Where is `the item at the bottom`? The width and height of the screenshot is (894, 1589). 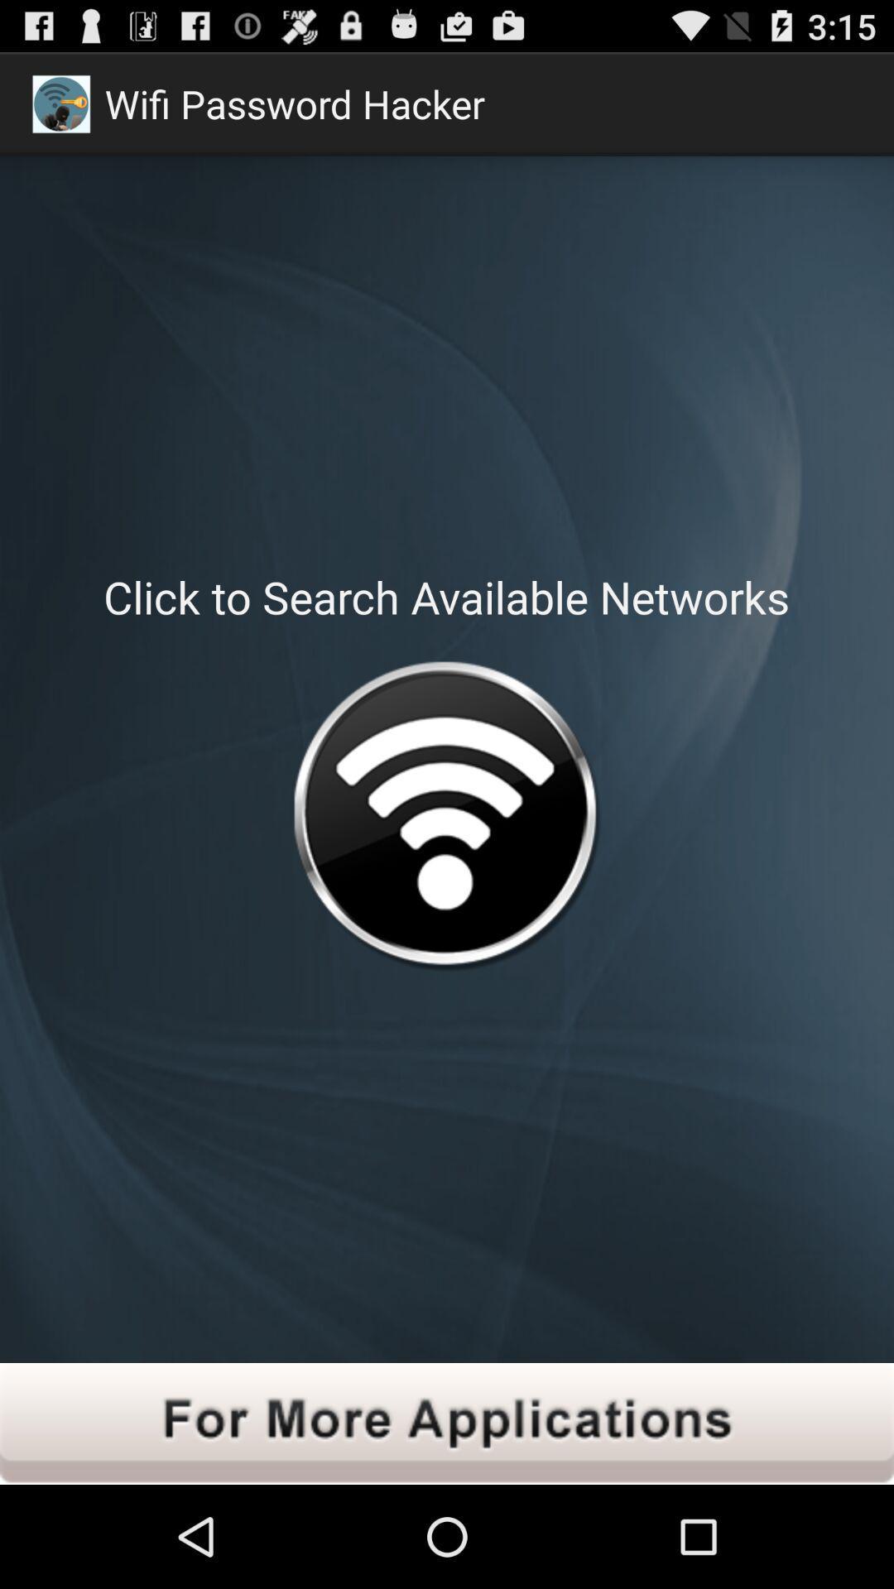 the item at the bottom is located at coordinates (447, 1423).